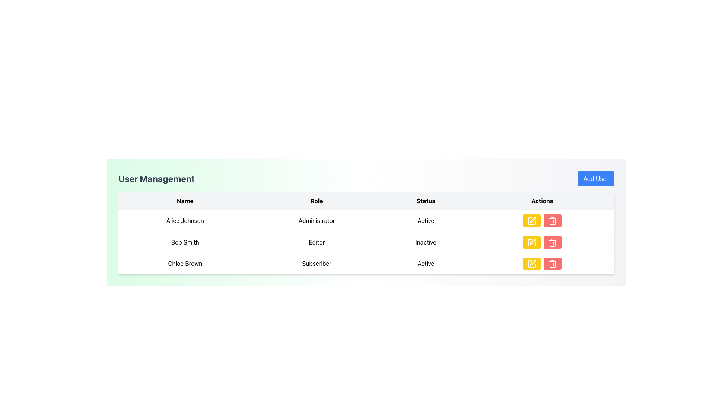 The width and height of the screenshot is (715, 402). Describe the element at coordinates (426, 242) in the screenshot. I see `the text label indicating the status of 'Bob Smith' which displays 'Inactive' in the Status column of the table` at that location.